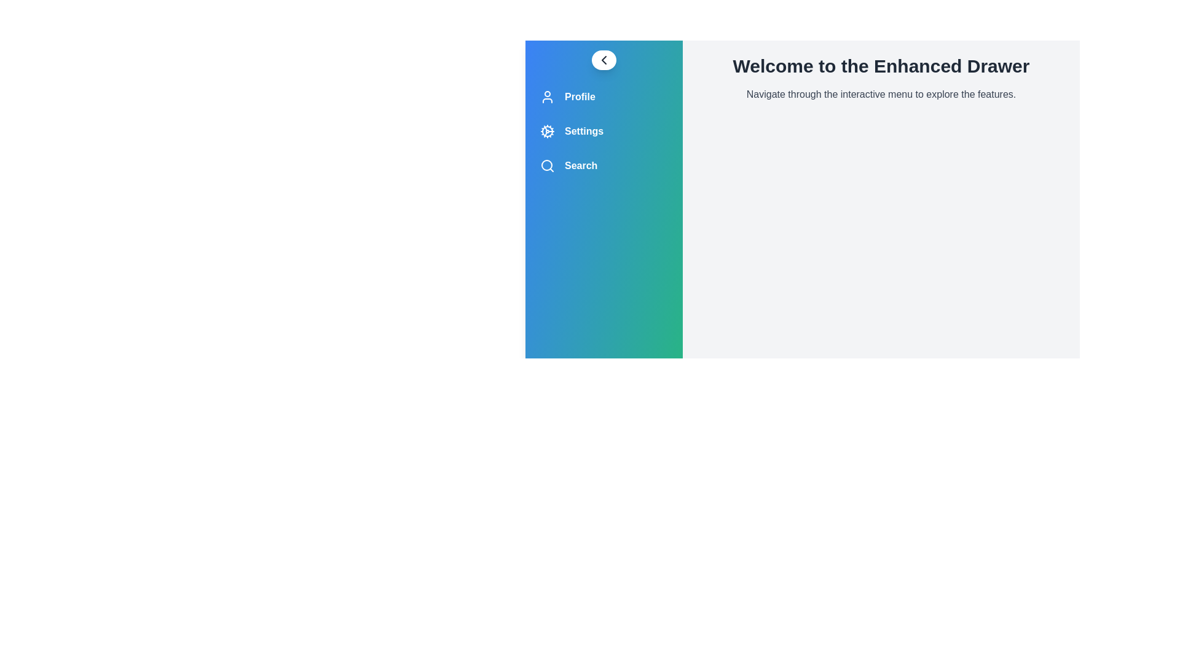 The image size is (1180, 664). I want to click on the 'Profile' menu item in the drawer, so click(604, 97).